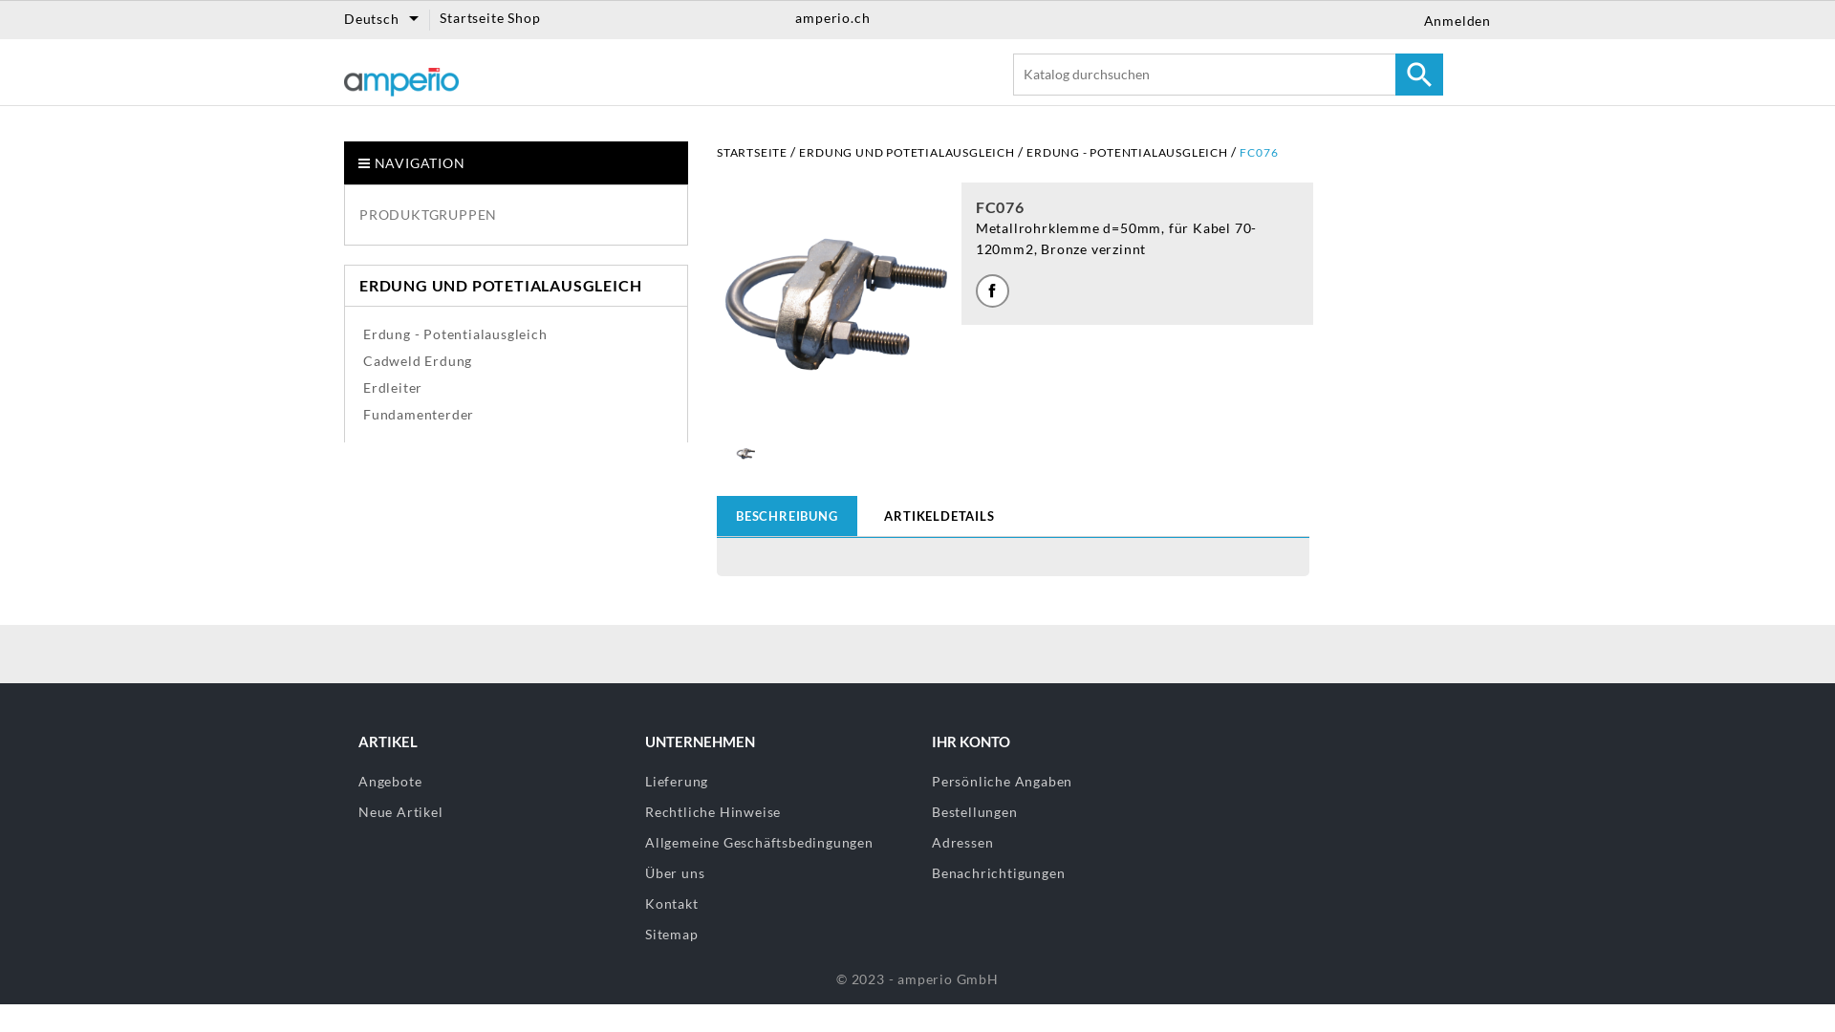 The image size is (1835, 1032). Describe the element at coordinates (974, 811) in the screenshot. I see `'Bestellungen'` at that location.